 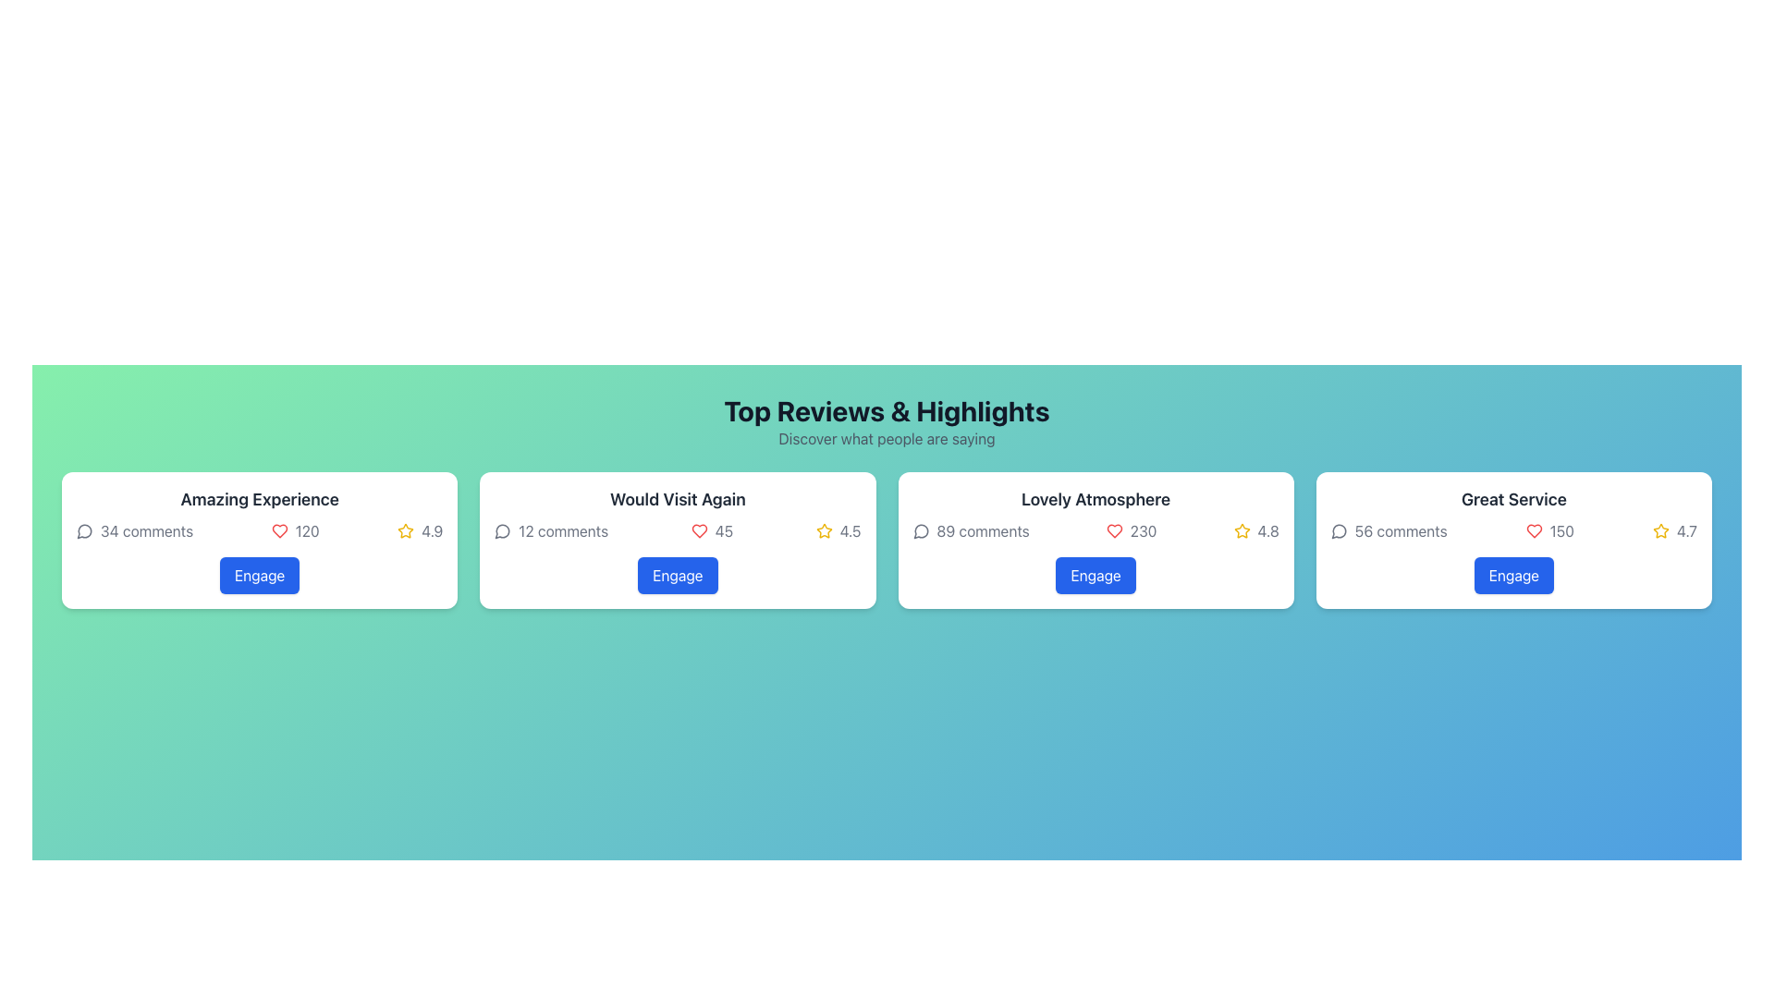 I want to click on numeric rating value '4.8' displayed in gray text next to a yellow star icon in the bottom-right corner of the 'Lovely Atmosphere' card, so click(x=1256, y=530).